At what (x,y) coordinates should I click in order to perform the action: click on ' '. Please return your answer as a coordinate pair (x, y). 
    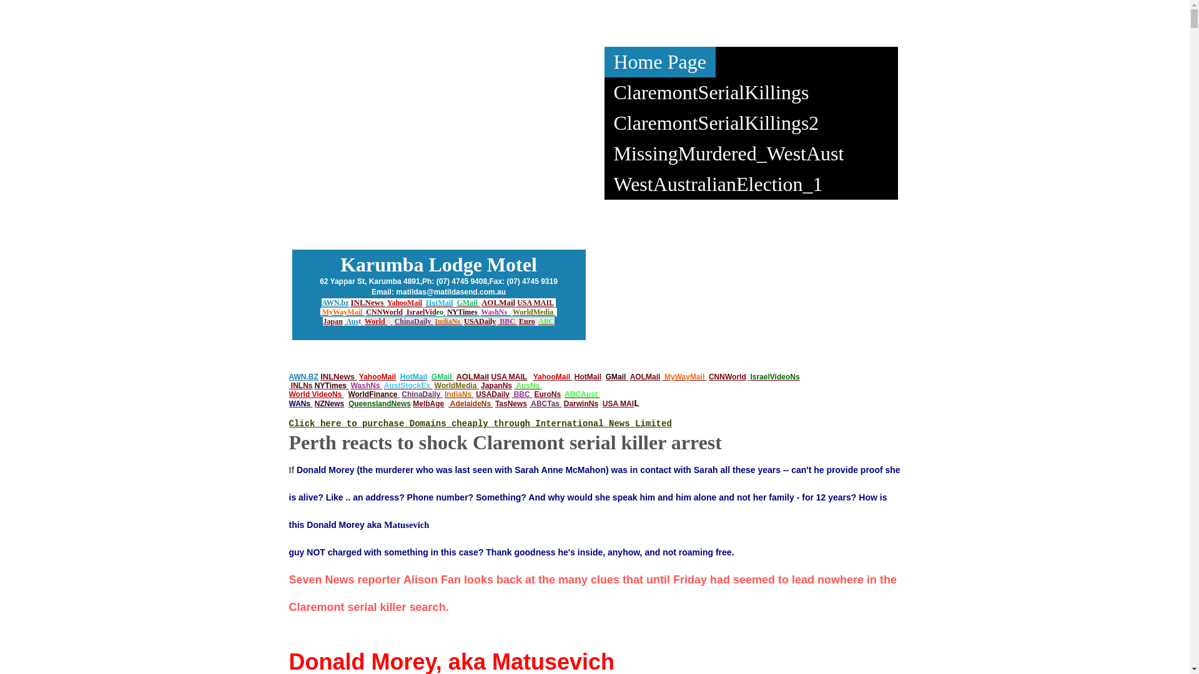
    Looking at the image, I should click on (347, 384).